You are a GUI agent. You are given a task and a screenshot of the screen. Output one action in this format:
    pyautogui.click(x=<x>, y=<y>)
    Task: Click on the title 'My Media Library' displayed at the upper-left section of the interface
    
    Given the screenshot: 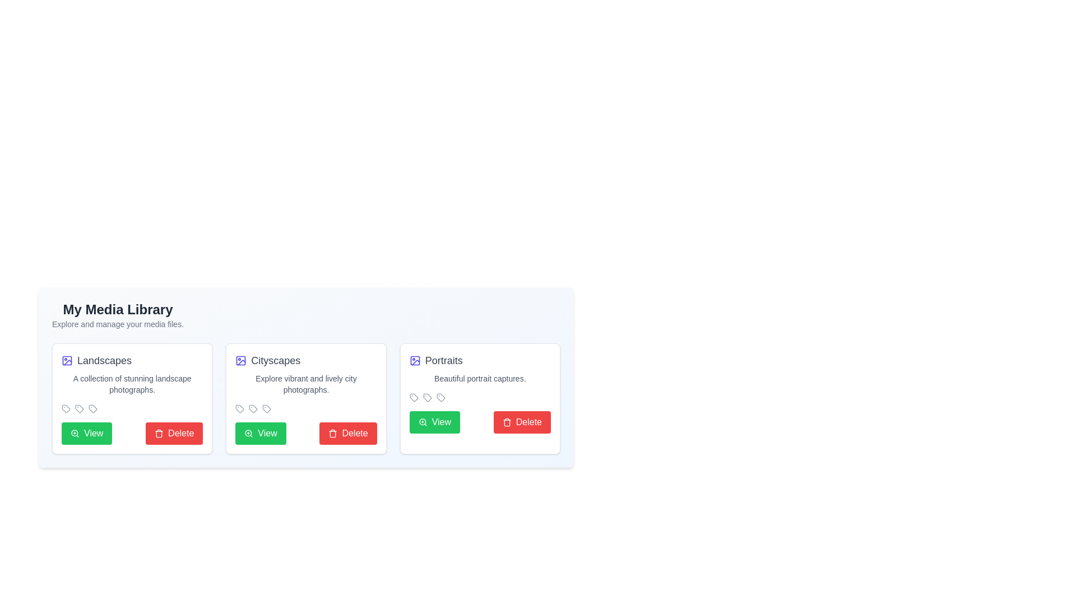 What is the action you would take?
    pyautogui.click(x=118, y=309)
    